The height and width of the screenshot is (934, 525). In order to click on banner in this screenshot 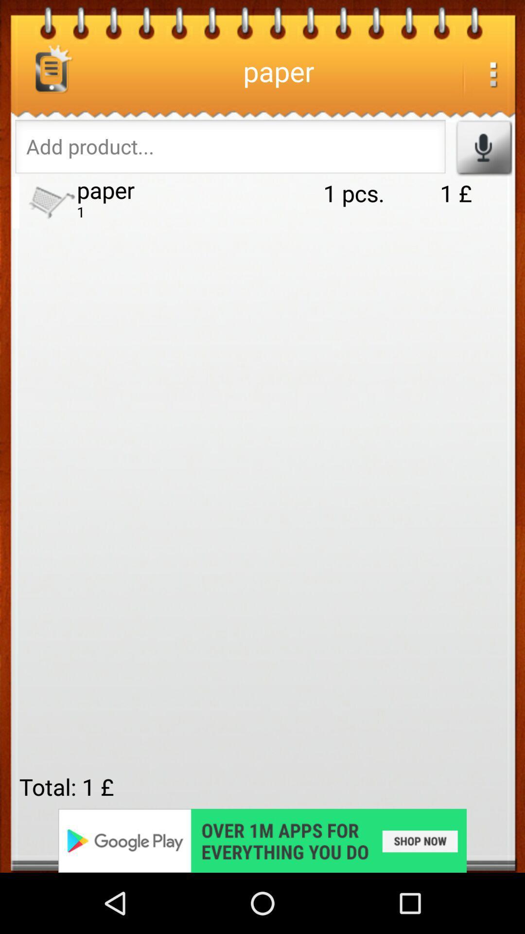, I will do `click(262, 840)`.